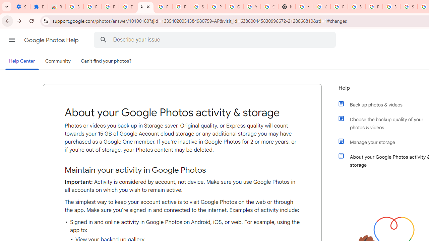 Image resolution: width=429 pixels, height=241 pixels. Describe the element at coordinates (252, 7) in the screenshot. I see `'YouTube'` at that location.